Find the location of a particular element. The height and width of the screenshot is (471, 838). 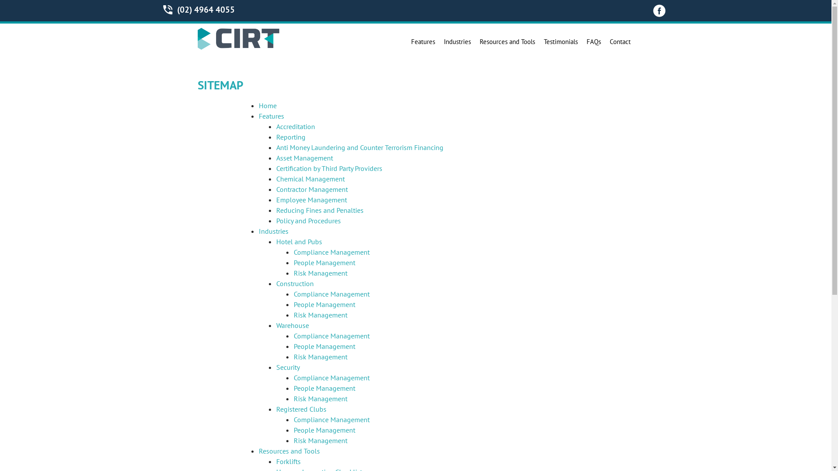

'Asset Management' is located at coordinates (304, 158).